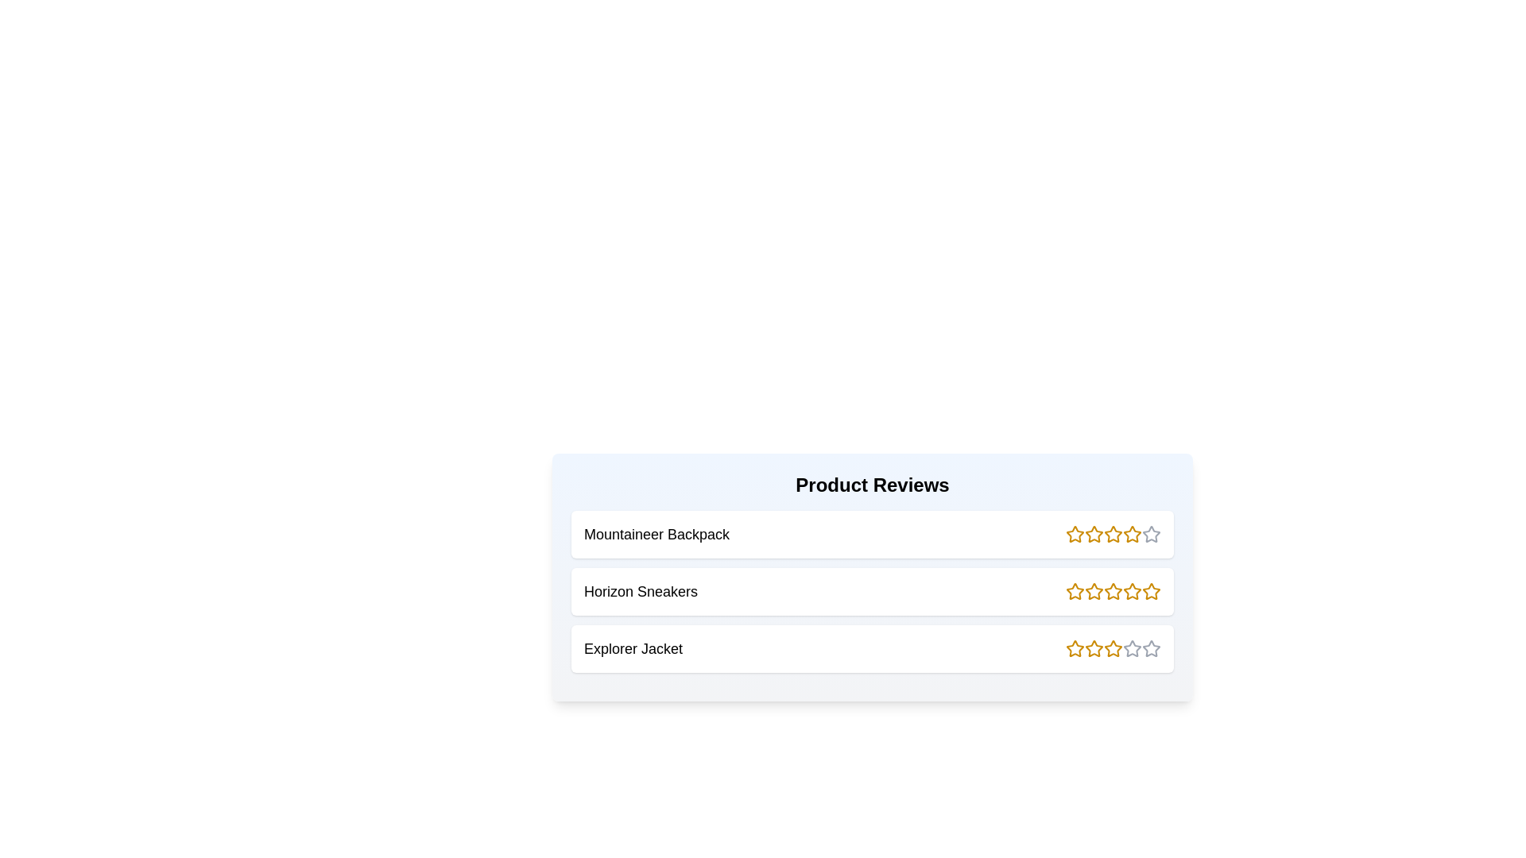 This screenshot has width=1526, height=858. What do you see at coordinates (1113, 649) in the screenshot?
I see `the rating of a product to 3 stars by clicking the corresponding star icon for the product Explorer Jacket` at bounding box center [1113, 649].